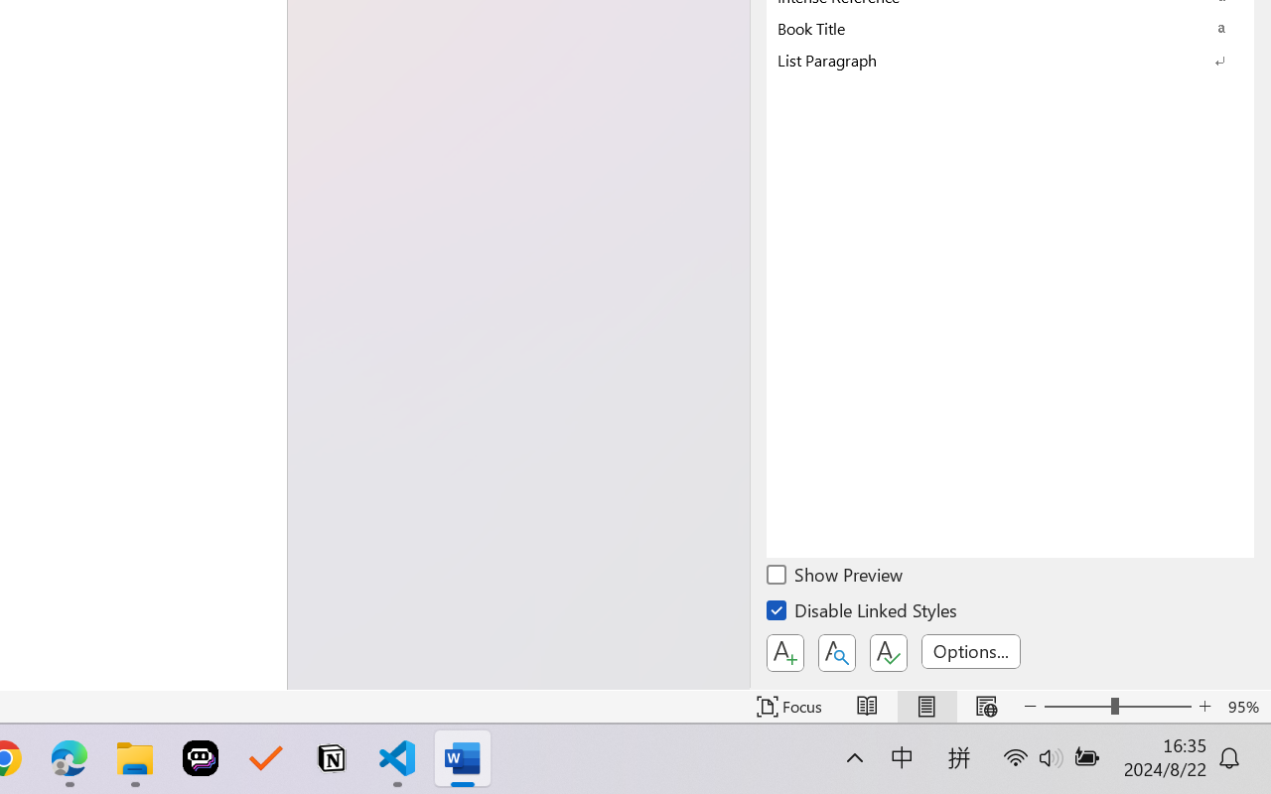  Describe the element at coordinates (970, 650) in the screenshot. I see `'Options...'` at that location.